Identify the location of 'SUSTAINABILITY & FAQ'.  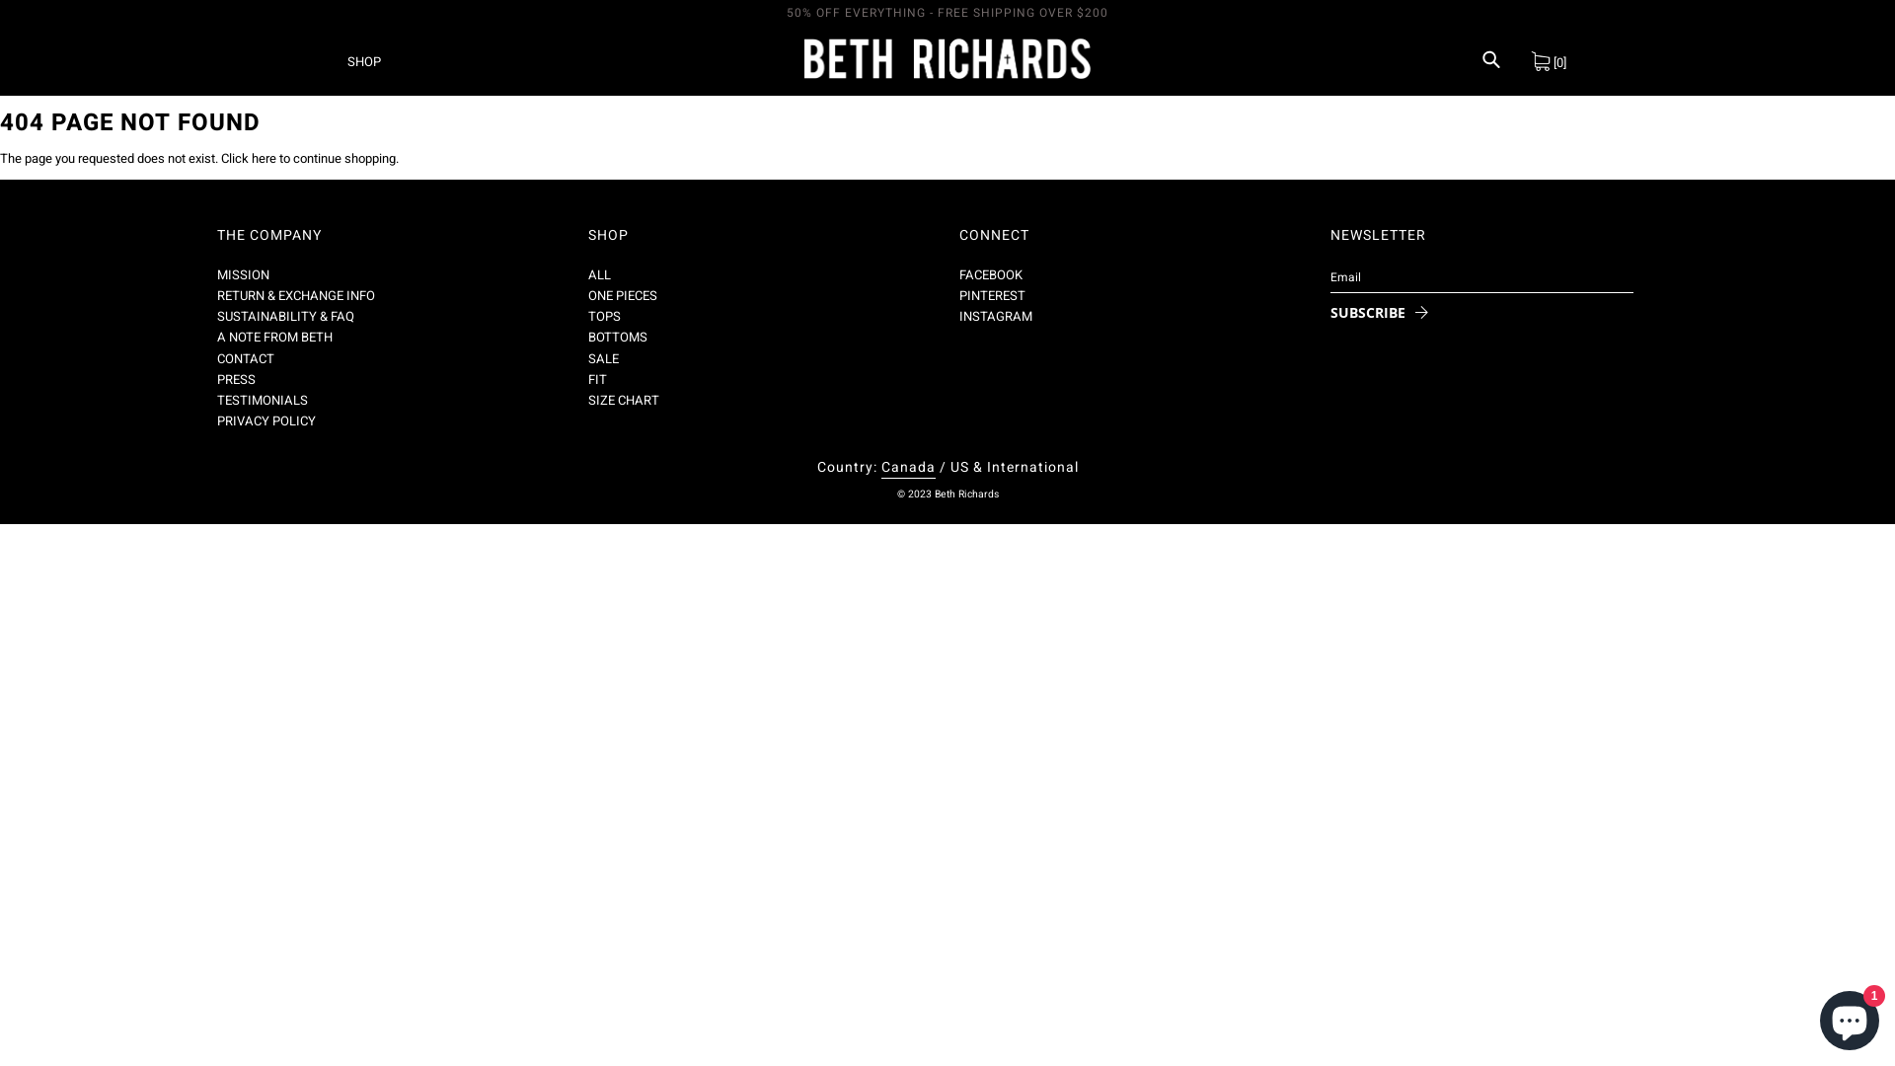
(284, 315).